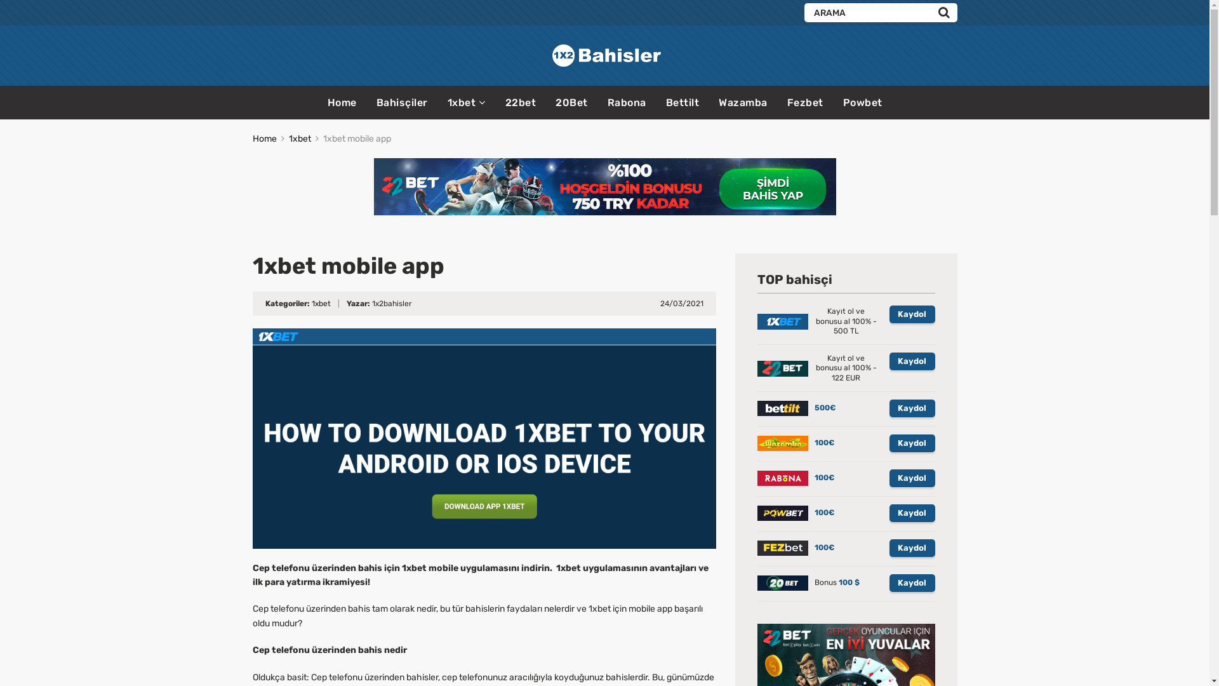 This screenshot has height=686, width=1219. Describe the element at coordinates (505, 102) in the screenshot. I see `'22bet'` at that location.